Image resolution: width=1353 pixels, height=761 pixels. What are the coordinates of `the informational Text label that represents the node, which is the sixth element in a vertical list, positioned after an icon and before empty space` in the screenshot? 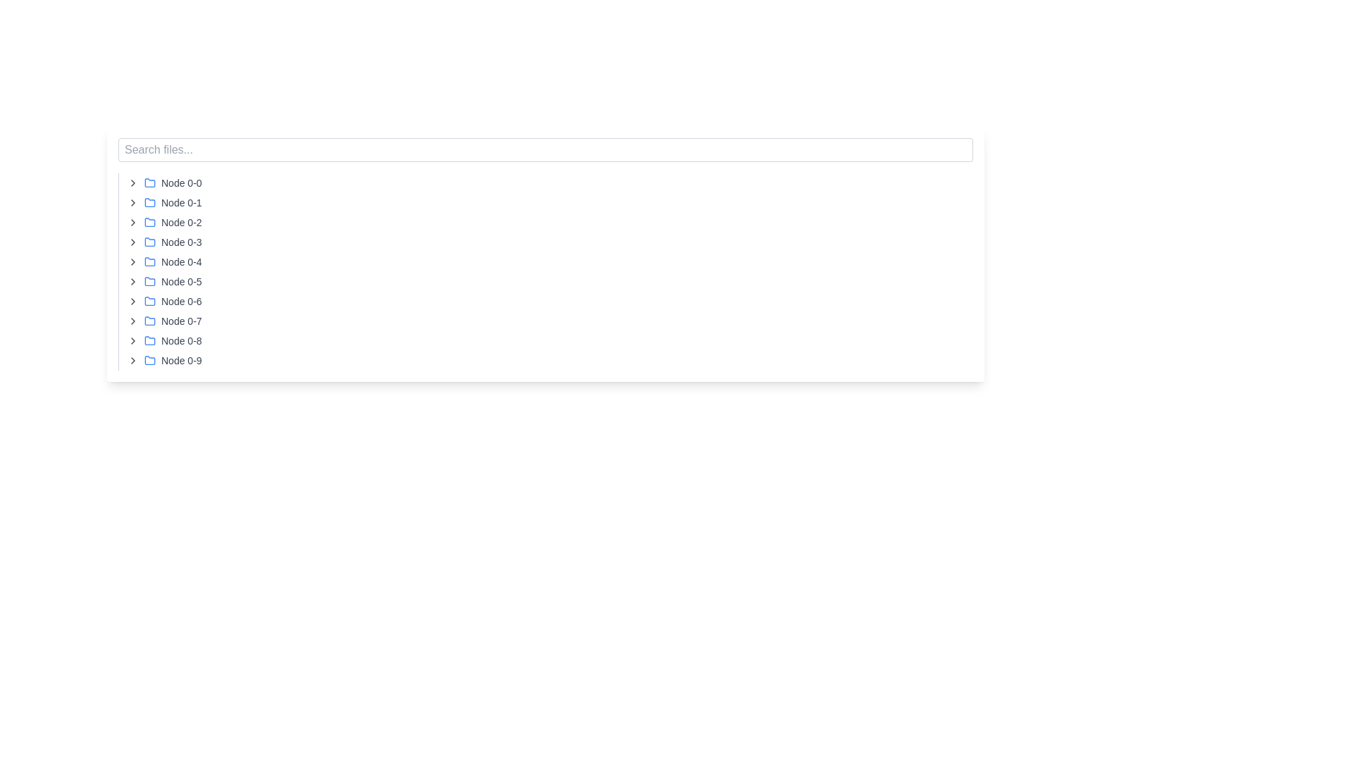 It's located at (180, 282).